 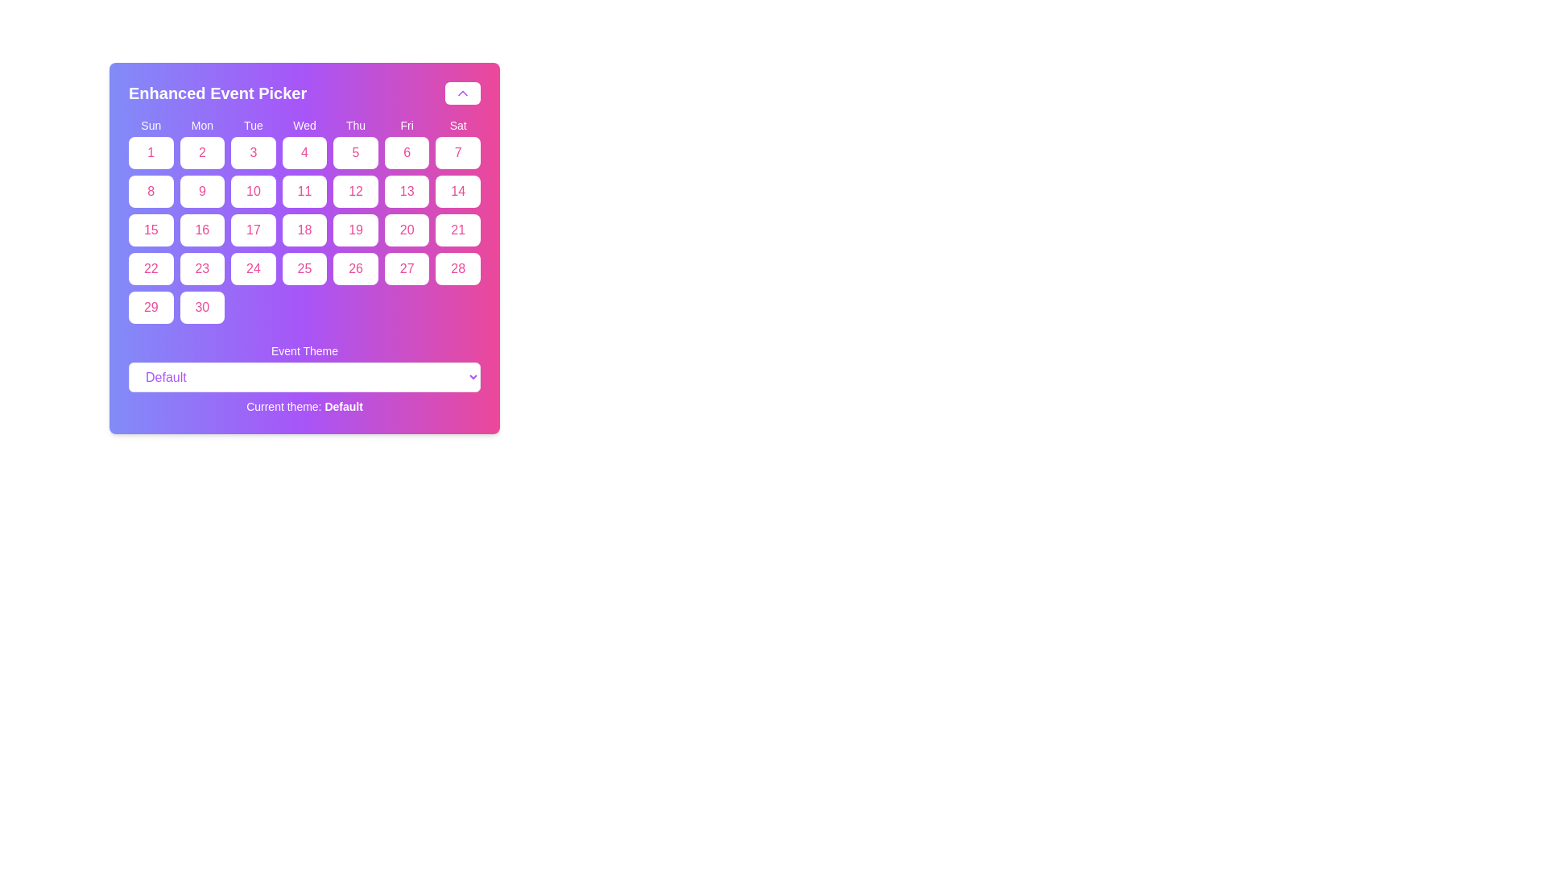 I want to click on the button representing the selectable day (13th) in the month view of the calendar, so click(x=407, y=191).